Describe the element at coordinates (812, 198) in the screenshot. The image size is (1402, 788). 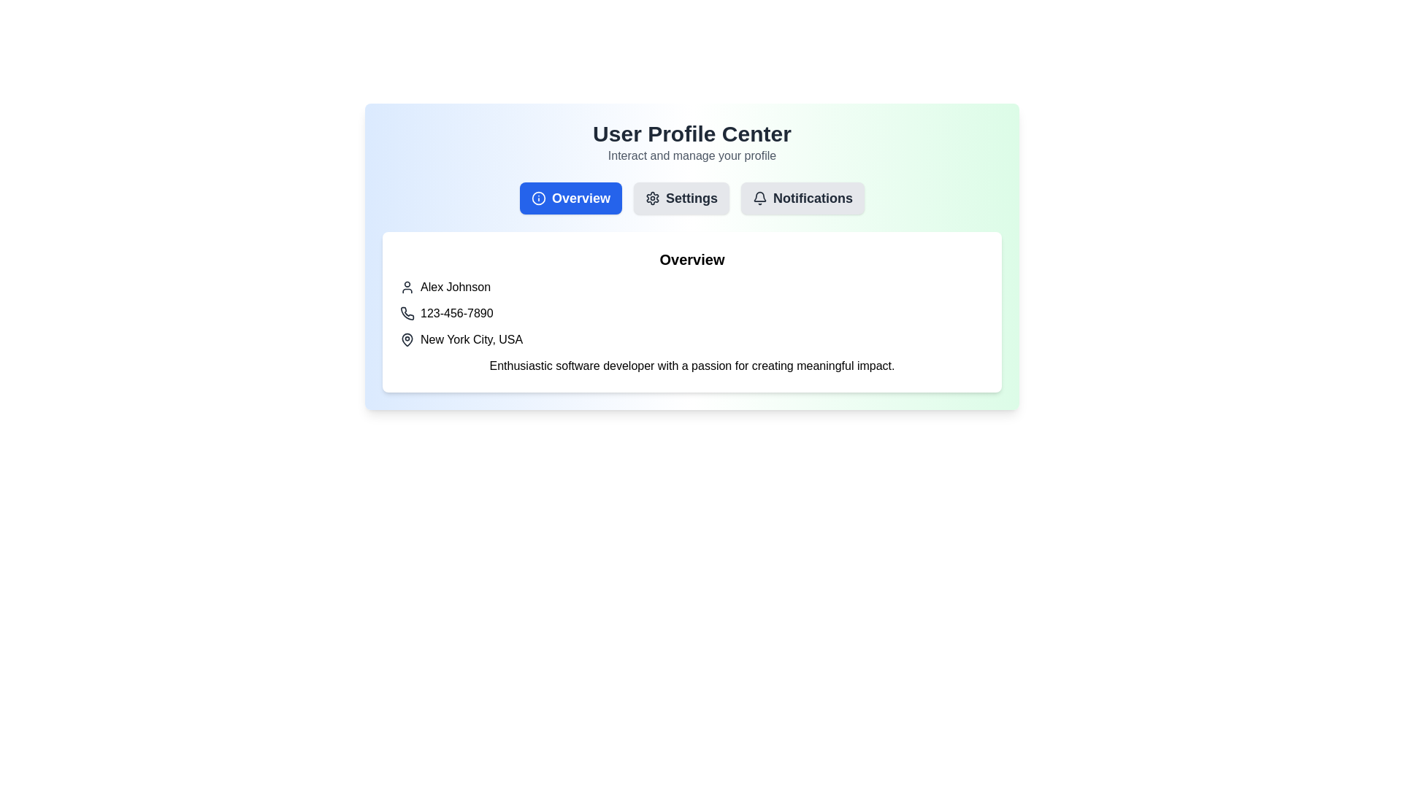
I see `the 'Notifications' button, which is styled with a bold dark gray text label and is part of a horizontal navigation menu at the top of the interface` at that location.